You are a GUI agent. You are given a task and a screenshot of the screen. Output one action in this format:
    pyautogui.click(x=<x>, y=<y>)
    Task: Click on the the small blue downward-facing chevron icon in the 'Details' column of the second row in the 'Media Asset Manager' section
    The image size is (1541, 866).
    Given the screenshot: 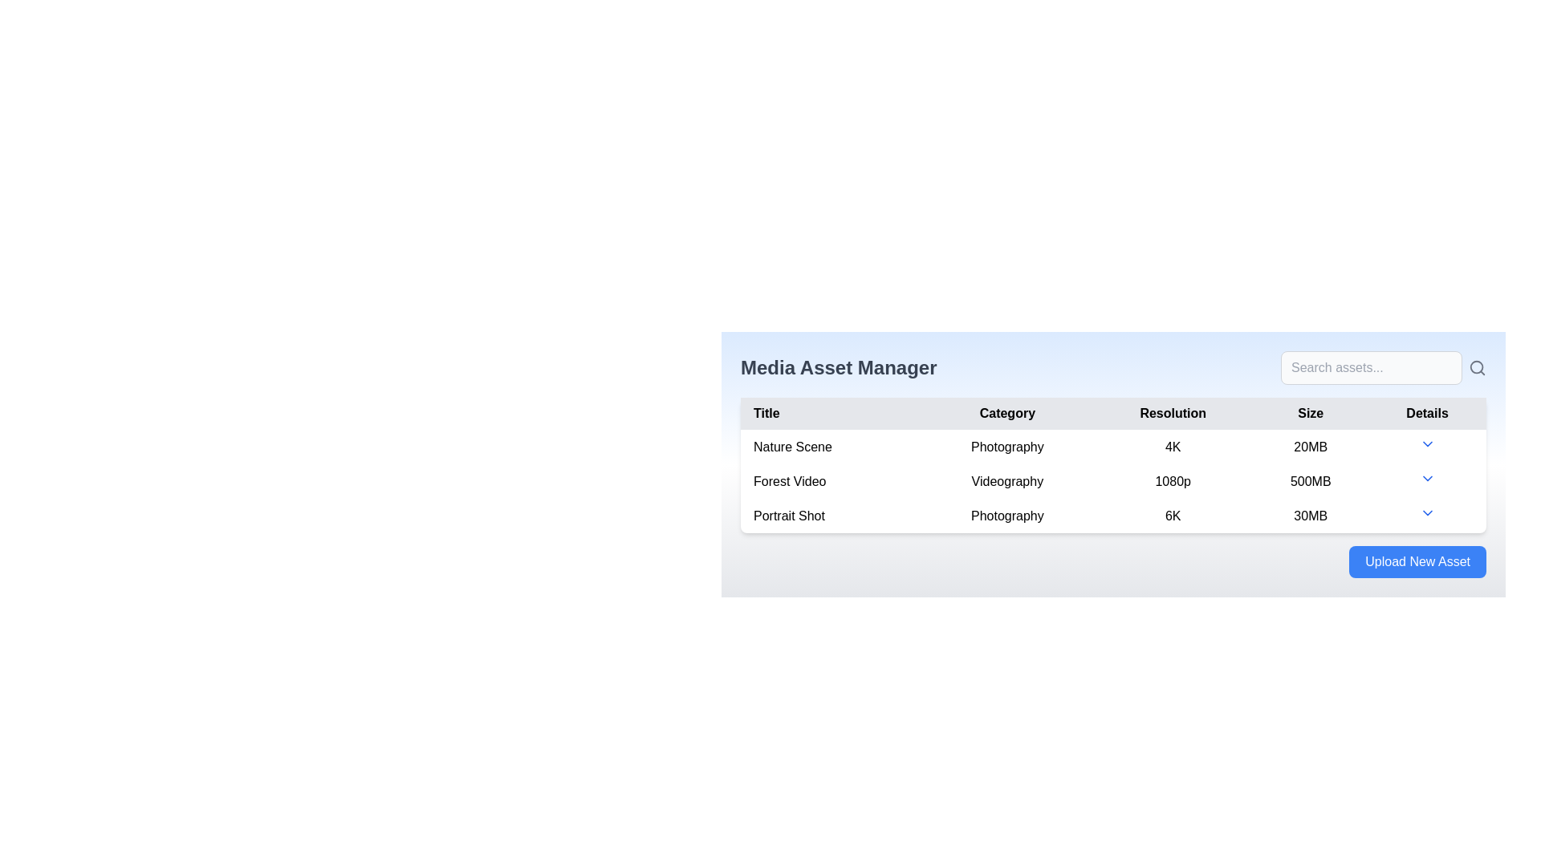 What is the action you would take?
    pyautogui.click(x=1427, y=478)
    